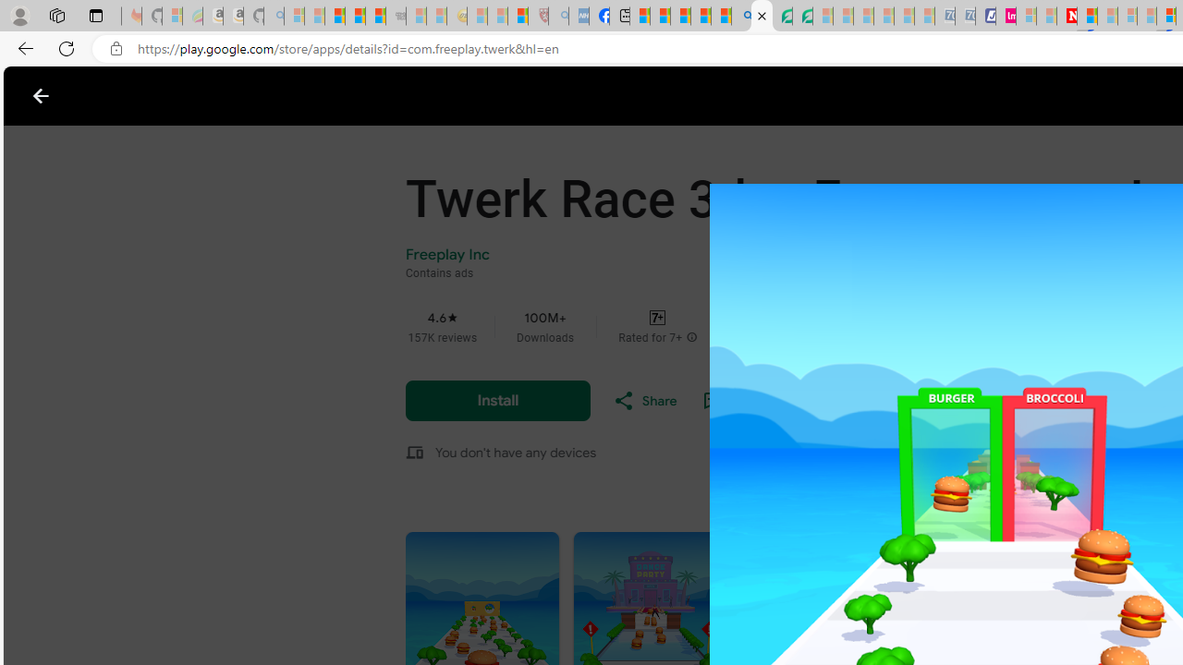 Image resolution: width=1183 pixels, height=665 pixels. Describe the element at coordinates (516, 452) in the screenshot. I see `'You don'` at that location.